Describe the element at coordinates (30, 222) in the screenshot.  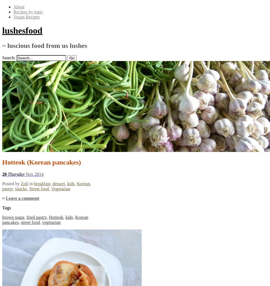
I see `'street food'` at that location.